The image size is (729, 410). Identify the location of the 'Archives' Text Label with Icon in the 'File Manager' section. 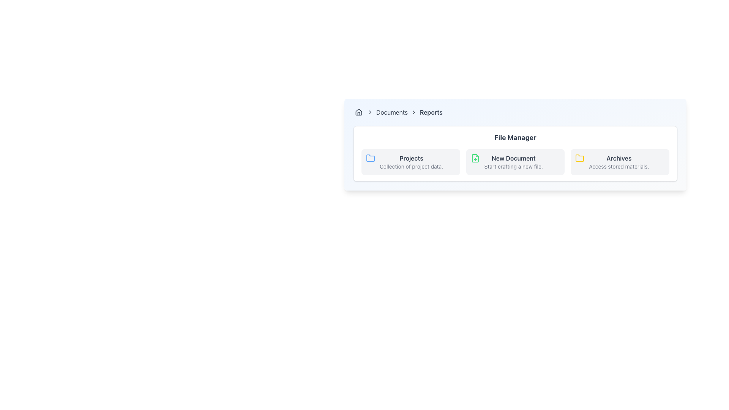
(619, 162).